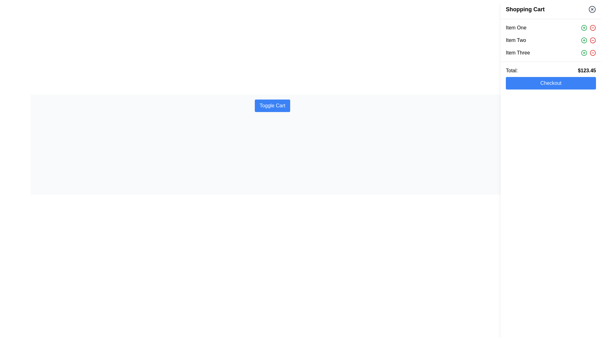 The height and width of the screenshot is (338, 601). I want to click on the text label that serves as the title for the shopping cart section, located at the top-left corner of the cart interface, so click(525, 9).